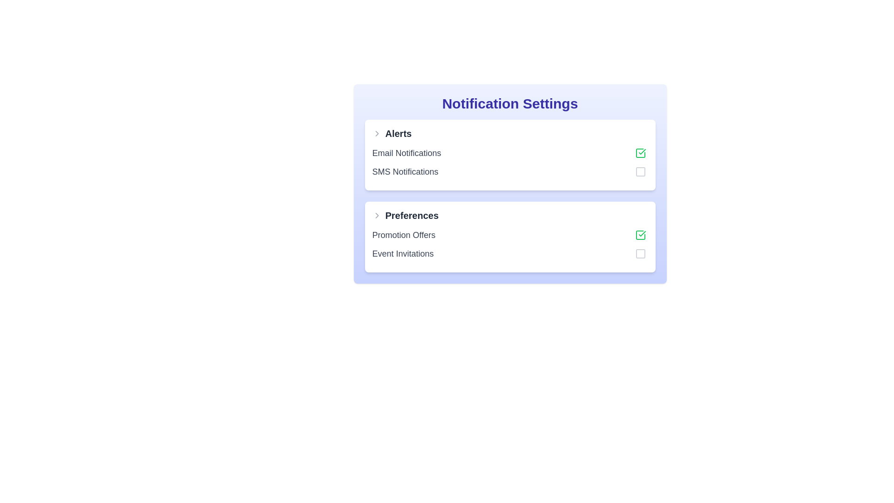 The image size is (894, 503). What do you see at coordinates (509, 162) in the screenshot?
I see `the checkbox next to 'Email Notifications' in the 'Alerts' section of the 'Notification Settings' interface` at bounding box center [509, 162].